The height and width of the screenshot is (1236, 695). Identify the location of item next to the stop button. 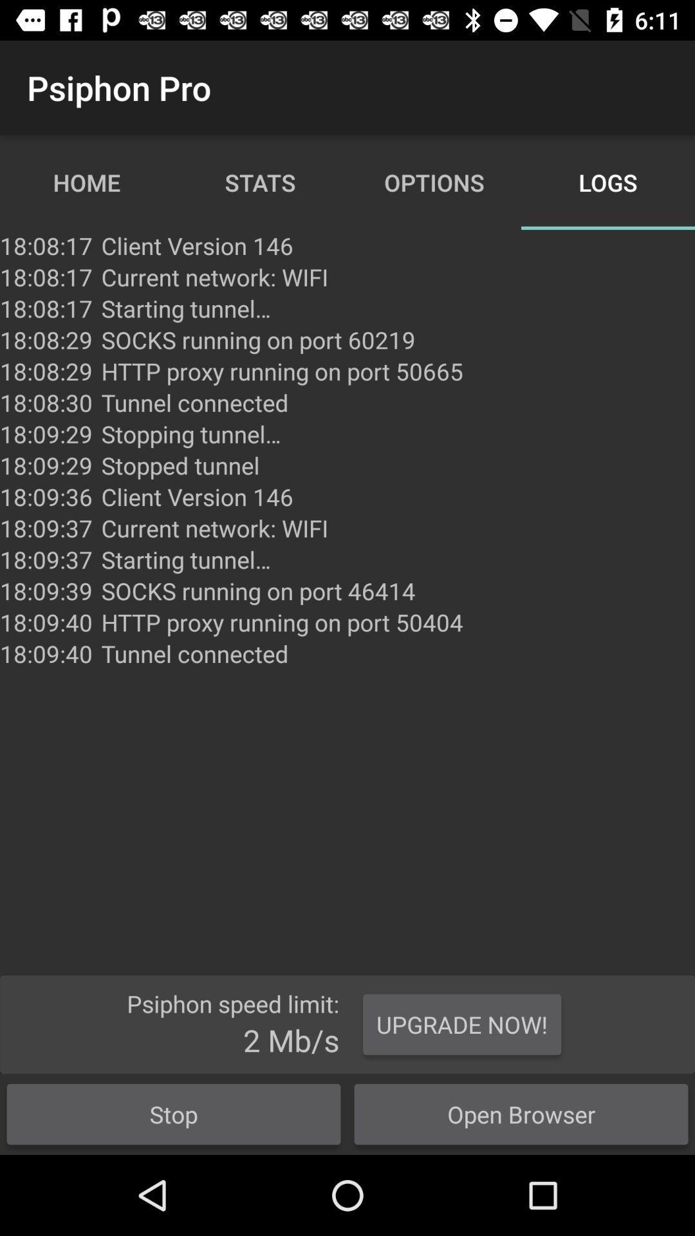
(461, 1024).